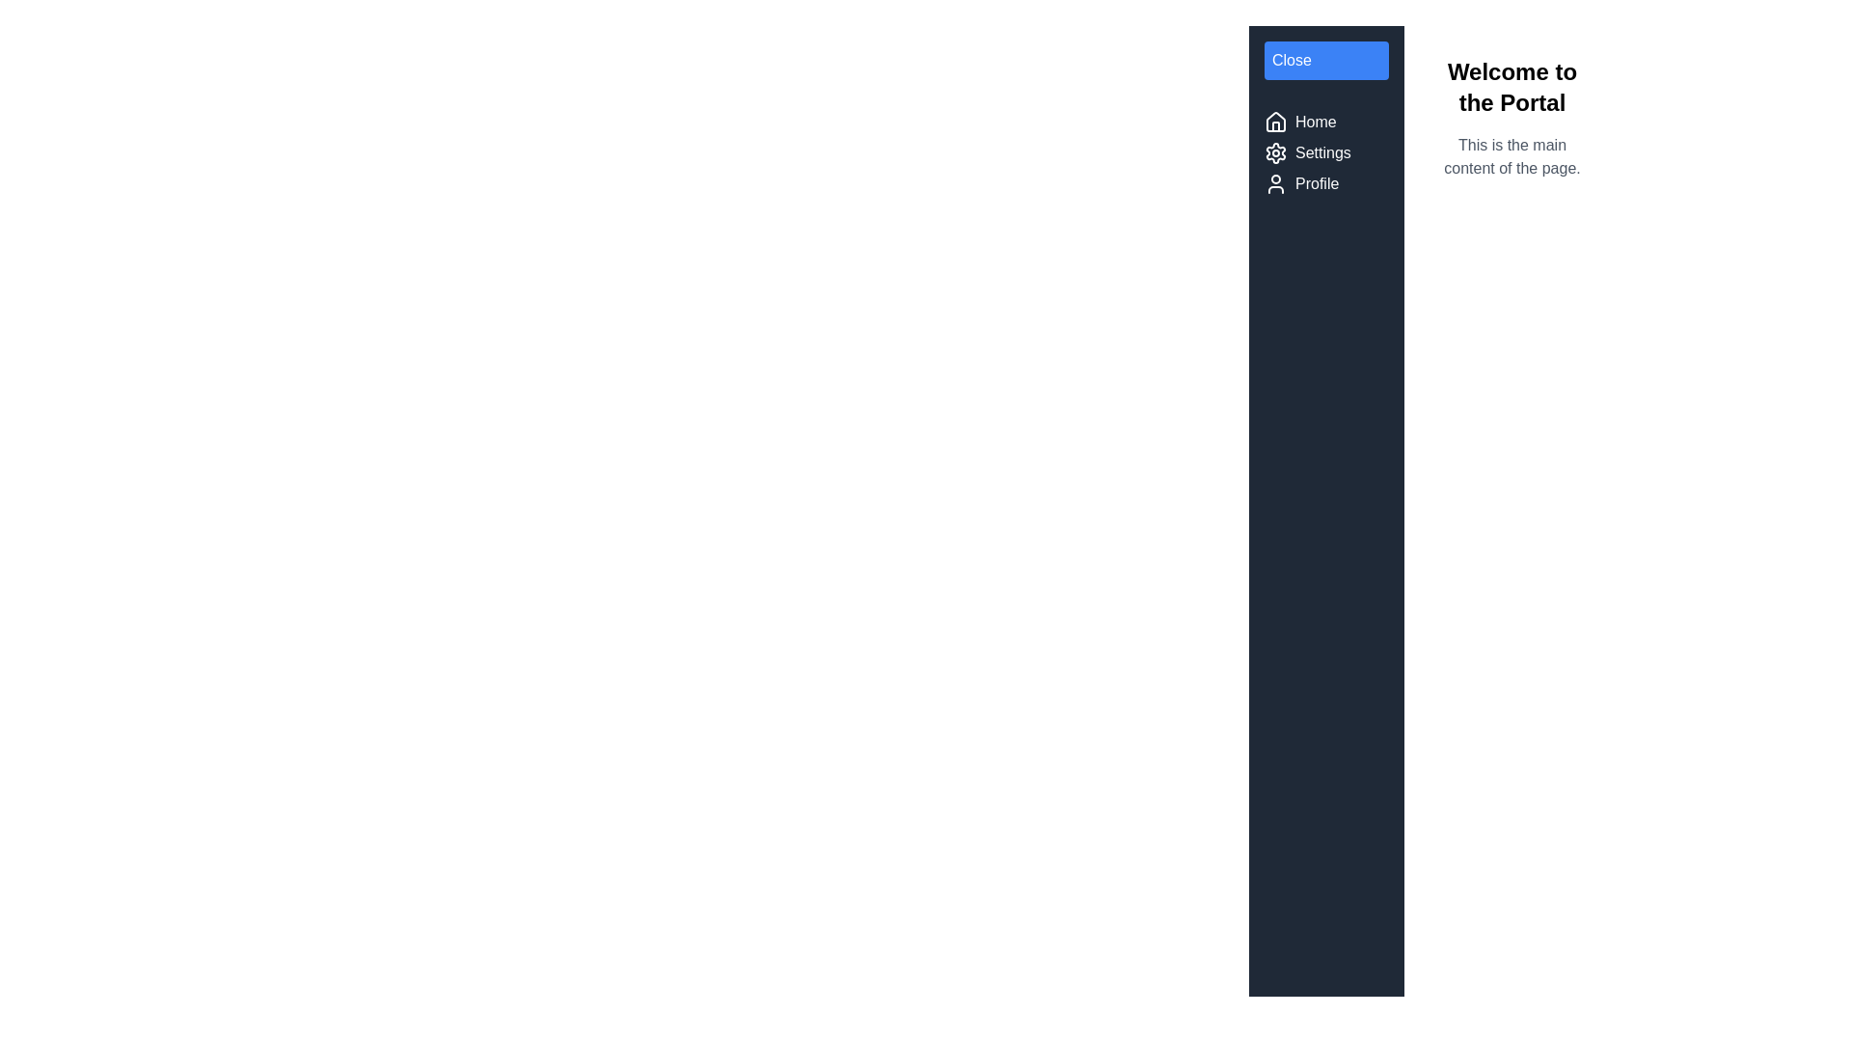 This screenshot has width=1852, height=1042. What do you see at coordinates (1276, 151) in the screenshot?
I see `the cogwheel icon within the SVG graphics element located in the left sidebar of the navigation menu` at bounding box center [1276, 151].